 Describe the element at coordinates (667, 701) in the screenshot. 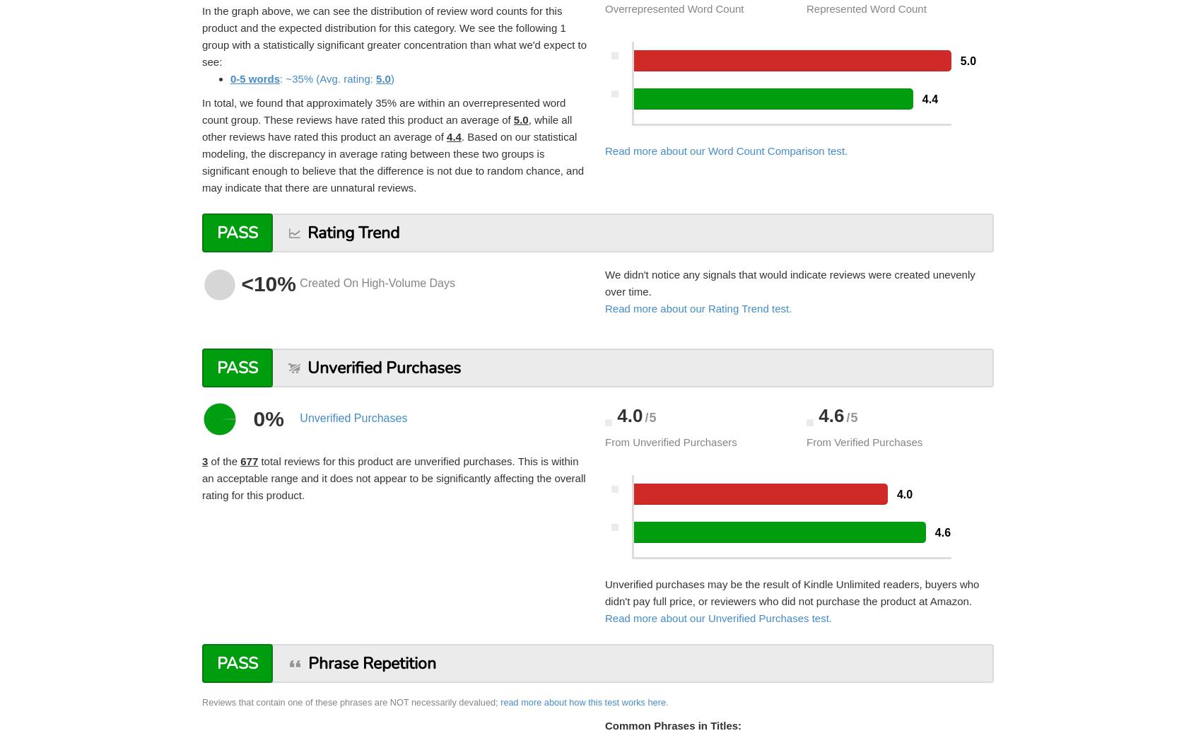

I see `'.'` at that location.